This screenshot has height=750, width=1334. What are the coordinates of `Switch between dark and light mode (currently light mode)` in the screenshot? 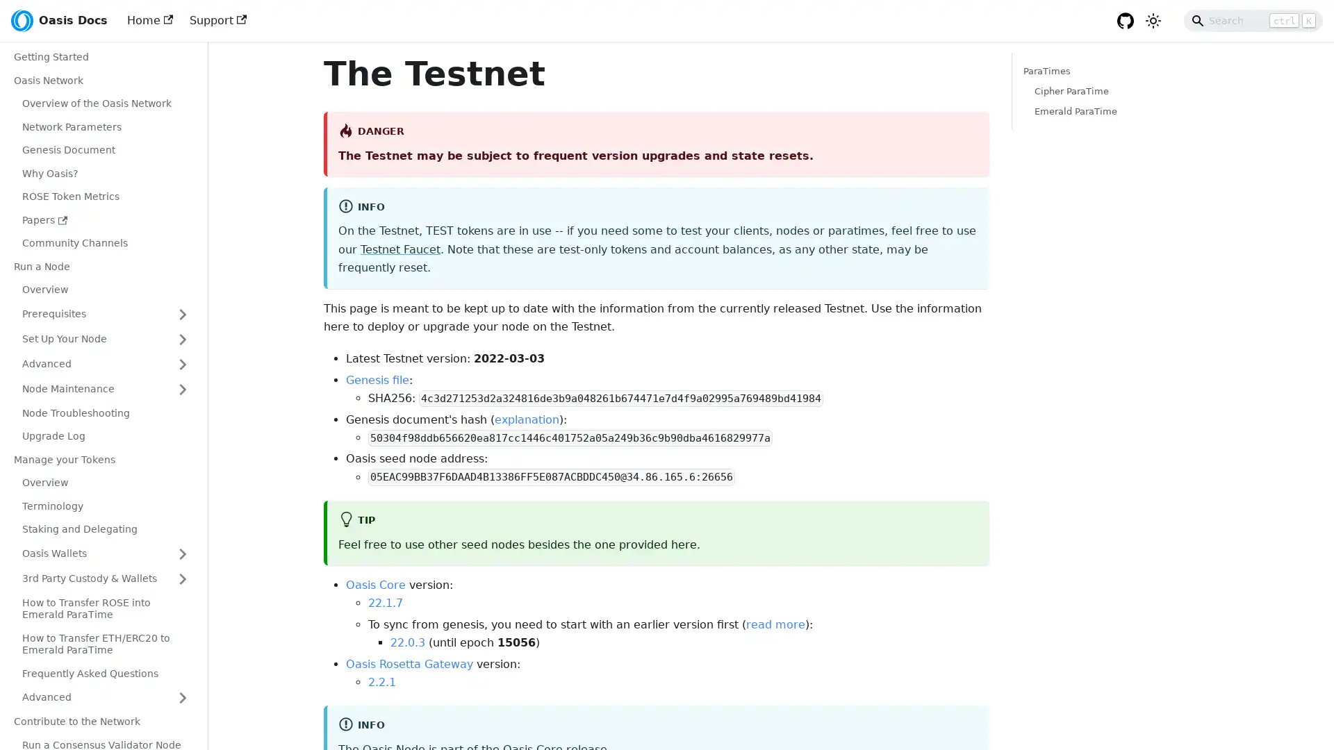 It's located at (1153, 21).